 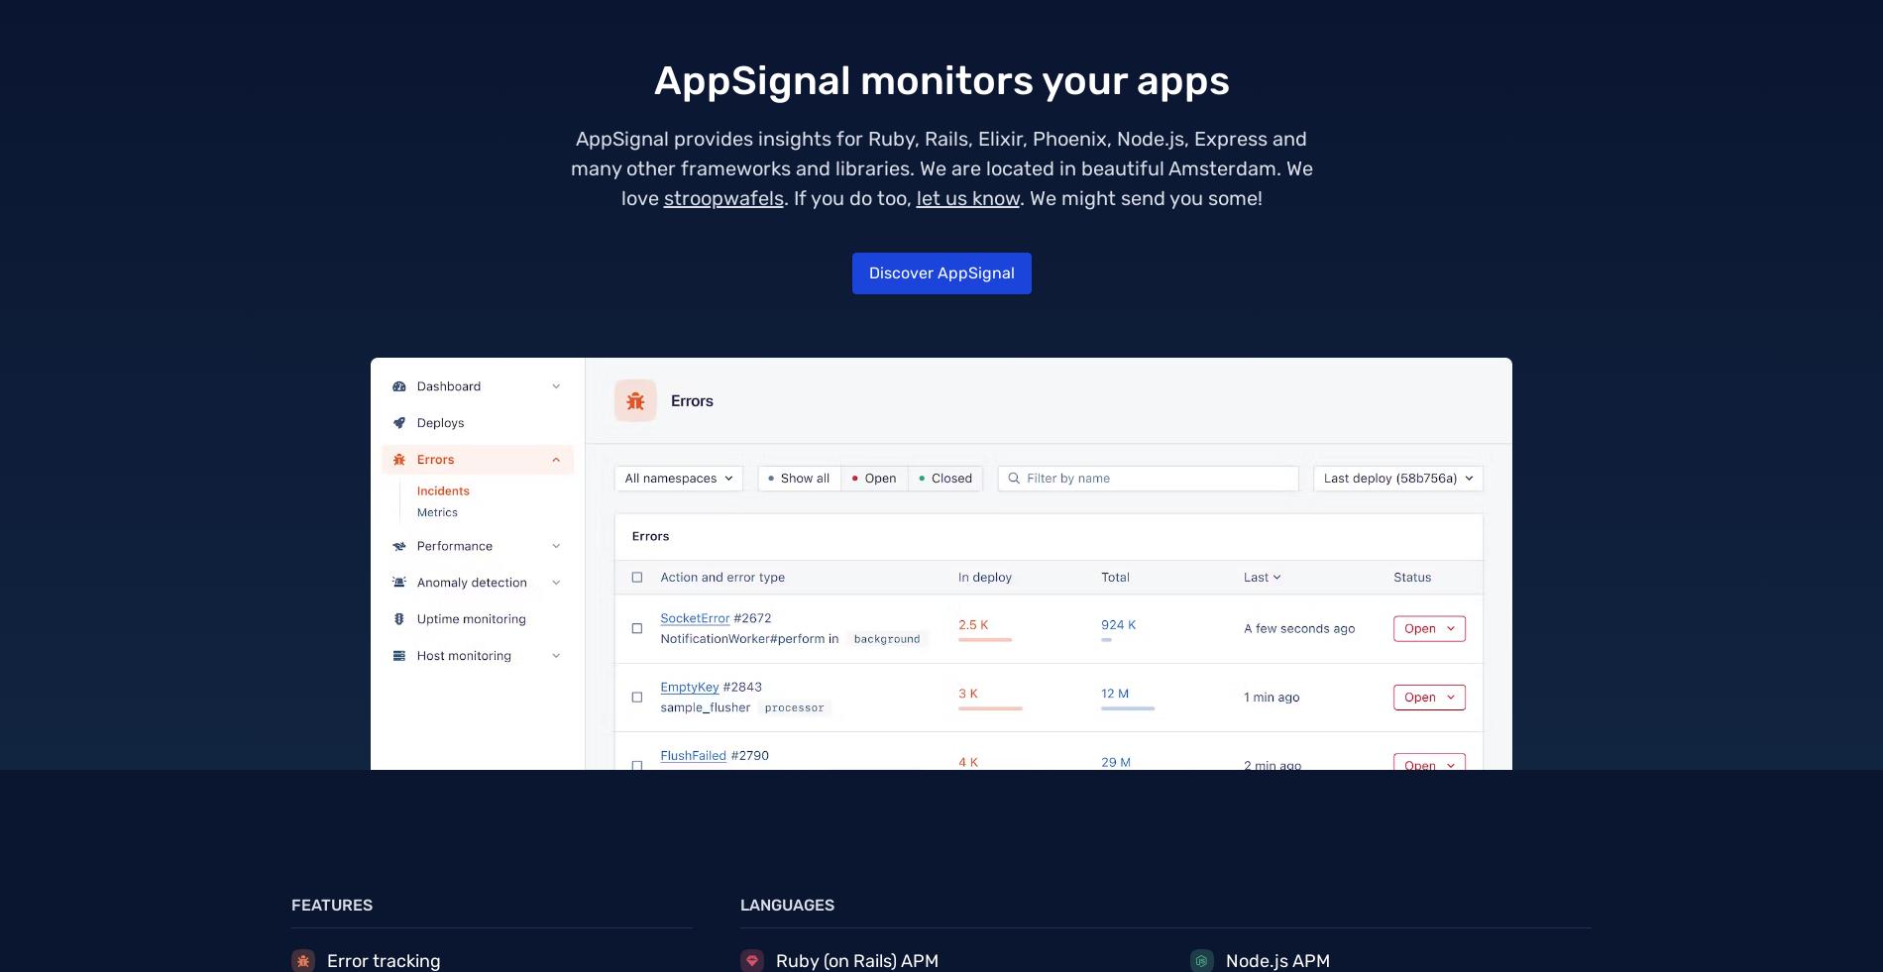 What do you see at coordinates (940, 79) in the screenshot?
I see `'AppSignal monitors your apps'` at bounding box center [940, 79].